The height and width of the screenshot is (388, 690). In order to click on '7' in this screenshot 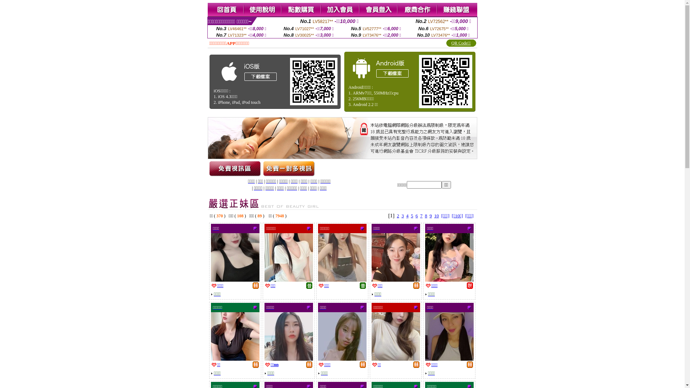, I will do `click(420, 215)`.